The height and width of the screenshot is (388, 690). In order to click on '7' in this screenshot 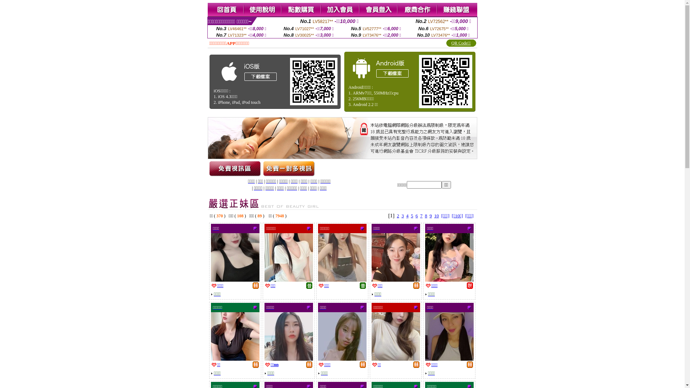, I will do `click(420, 215)`.